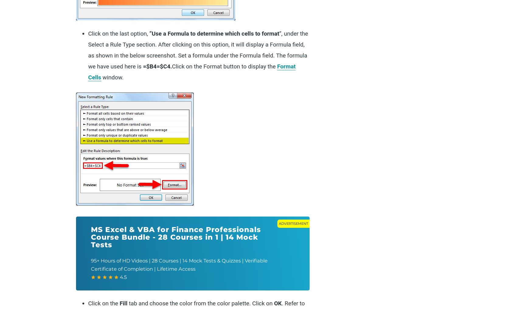 This screenshot has width=517, height=309. I want to click on 'Click on the', so click(103, 303).